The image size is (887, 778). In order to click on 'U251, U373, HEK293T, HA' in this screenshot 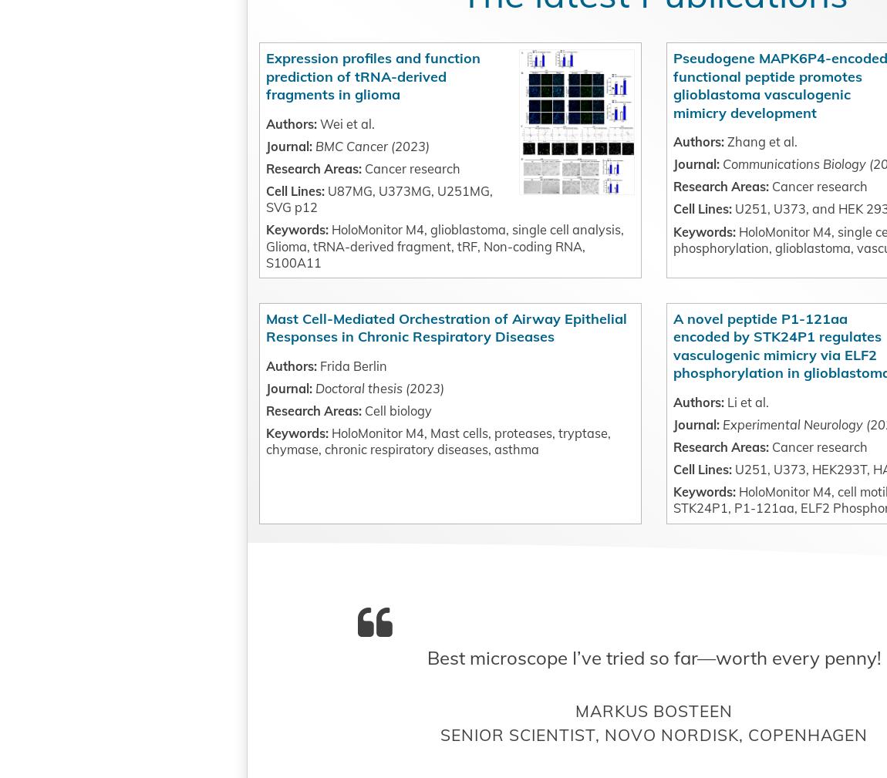, I will do `click(646, 594)`.